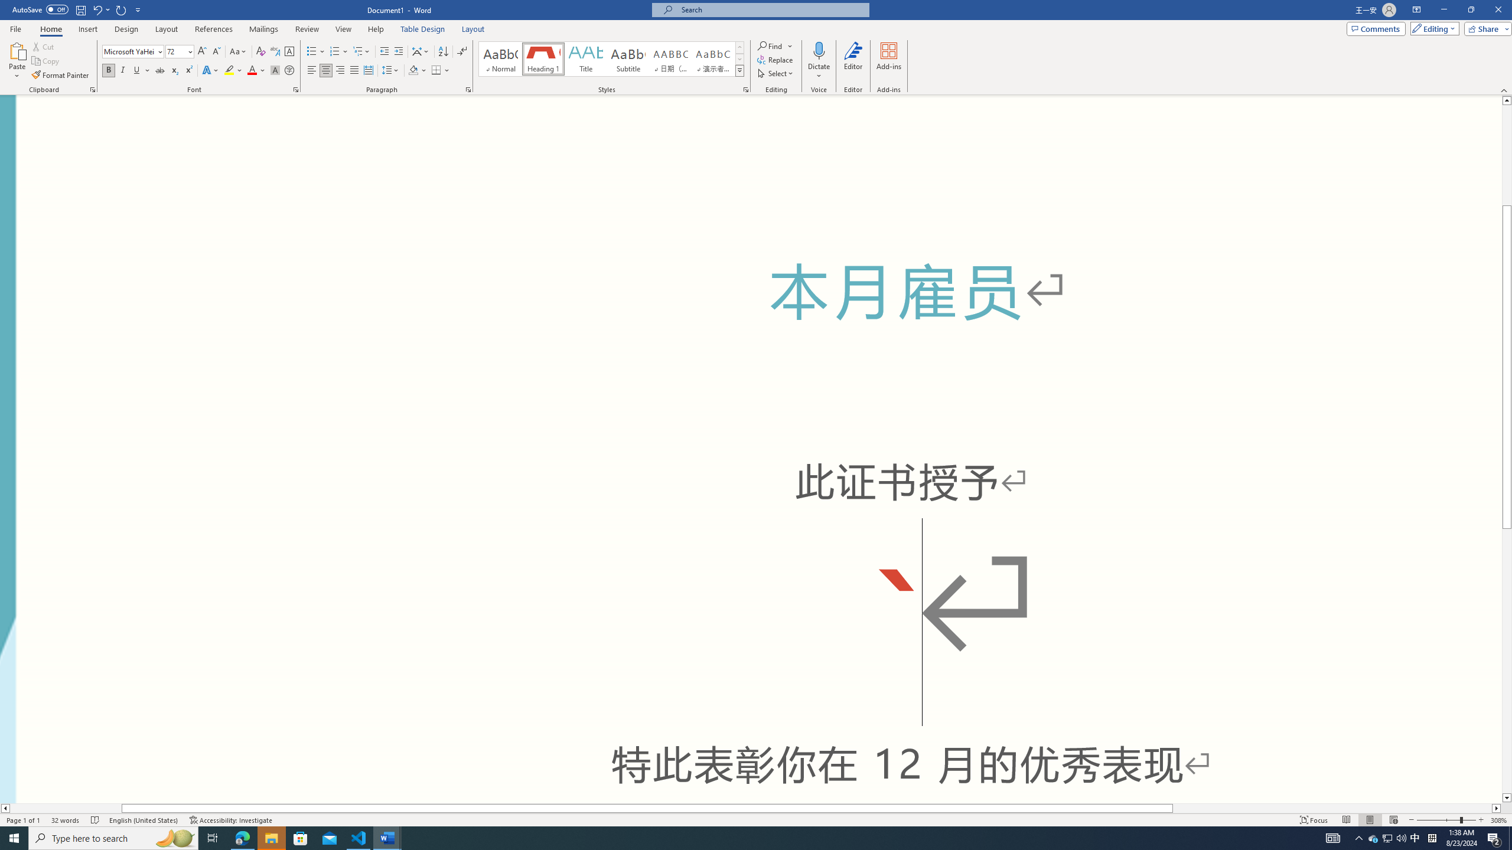 This screenshot has width=1512, height=850. Describe the element at coordinates (43, 46) in the screenshot. I see `'Cut'` at that location.